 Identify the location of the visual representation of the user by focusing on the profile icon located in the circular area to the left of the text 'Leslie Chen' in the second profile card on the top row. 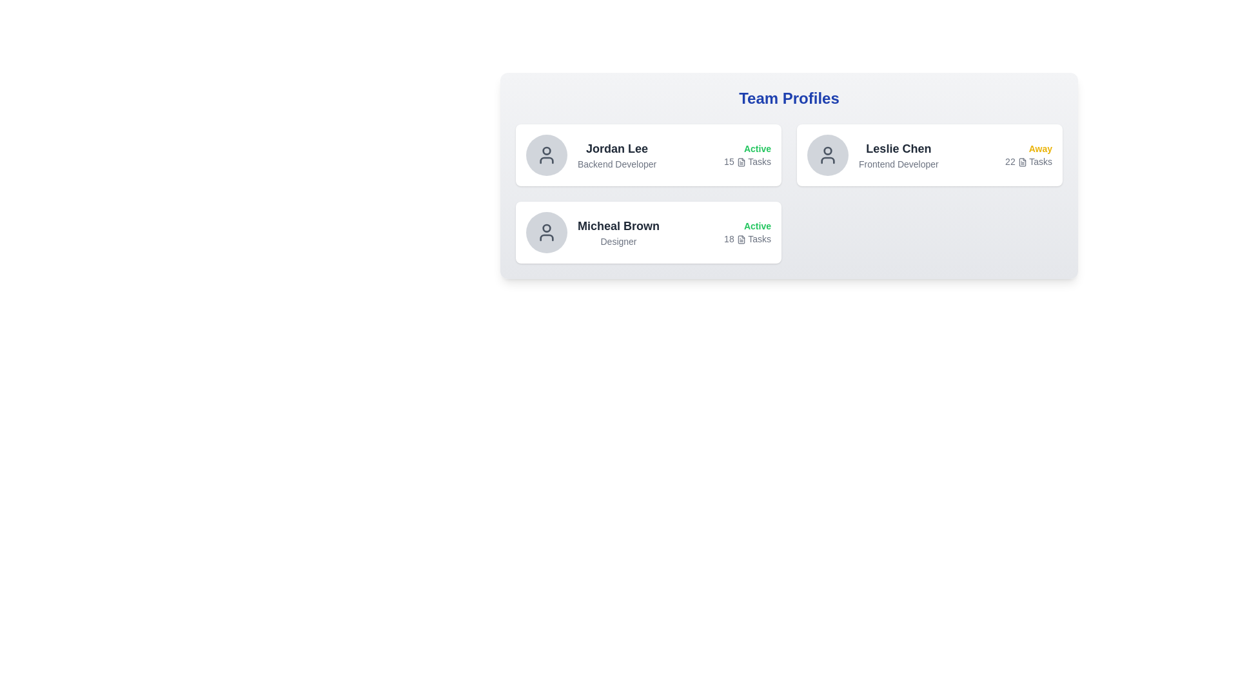
(547, 154).